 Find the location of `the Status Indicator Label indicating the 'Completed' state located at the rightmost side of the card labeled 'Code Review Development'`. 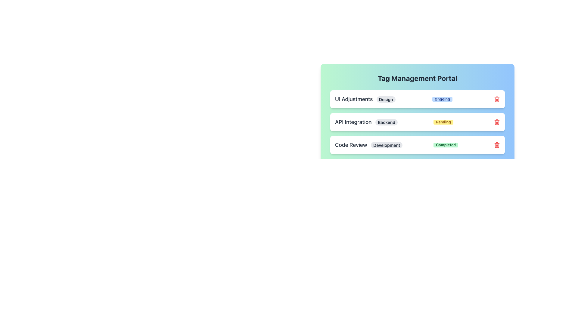

the Status Indicator Label indicating the 'Completed' state located at the rightmost side of the card labeled 'Code Review Development' is located at coordinates (446, 145).